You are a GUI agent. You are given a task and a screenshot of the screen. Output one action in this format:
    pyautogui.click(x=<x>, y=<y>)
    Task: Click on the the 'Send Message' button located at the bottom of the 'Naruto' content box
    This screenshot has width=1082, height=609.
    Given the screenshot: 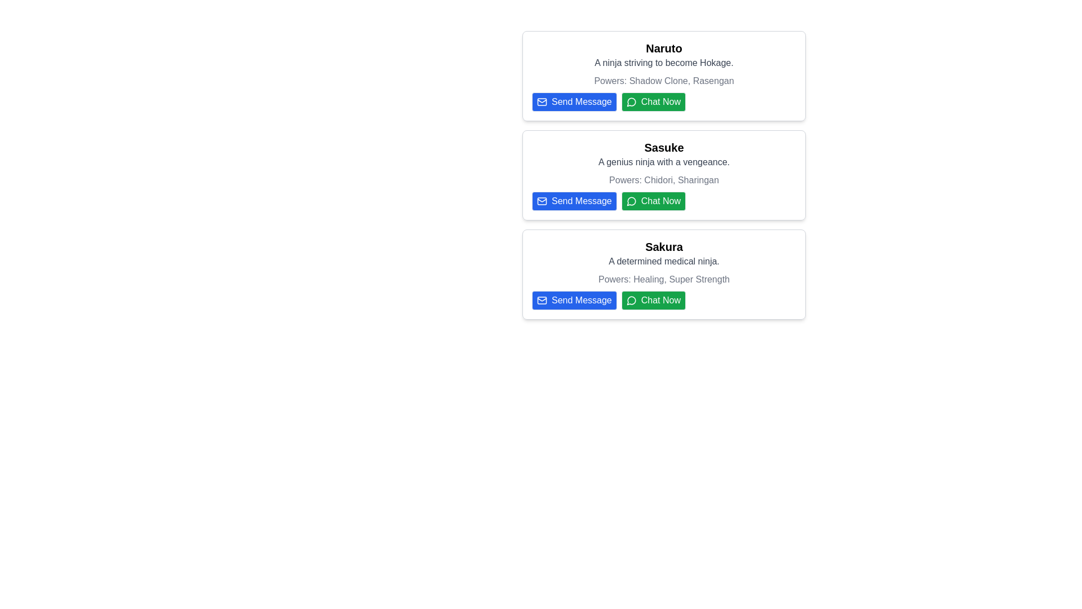 What is the action you would take?
    pyautogui.click(x=574, y=102)
    